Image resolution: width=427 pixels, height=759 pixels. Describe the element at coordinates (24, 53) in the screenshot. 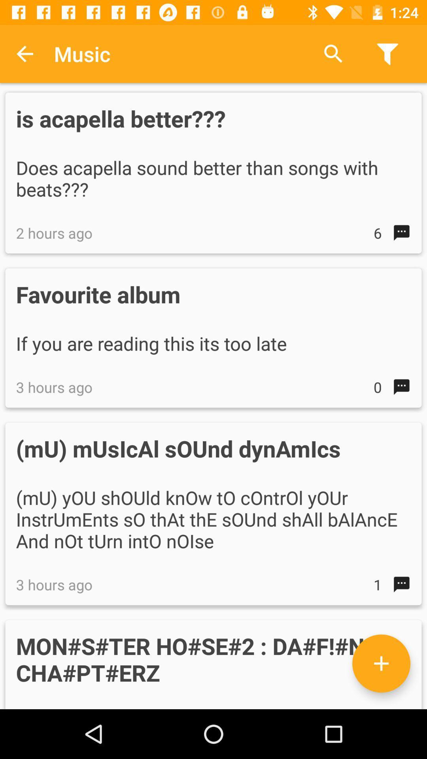

I see `item to the left of the music` at that location.